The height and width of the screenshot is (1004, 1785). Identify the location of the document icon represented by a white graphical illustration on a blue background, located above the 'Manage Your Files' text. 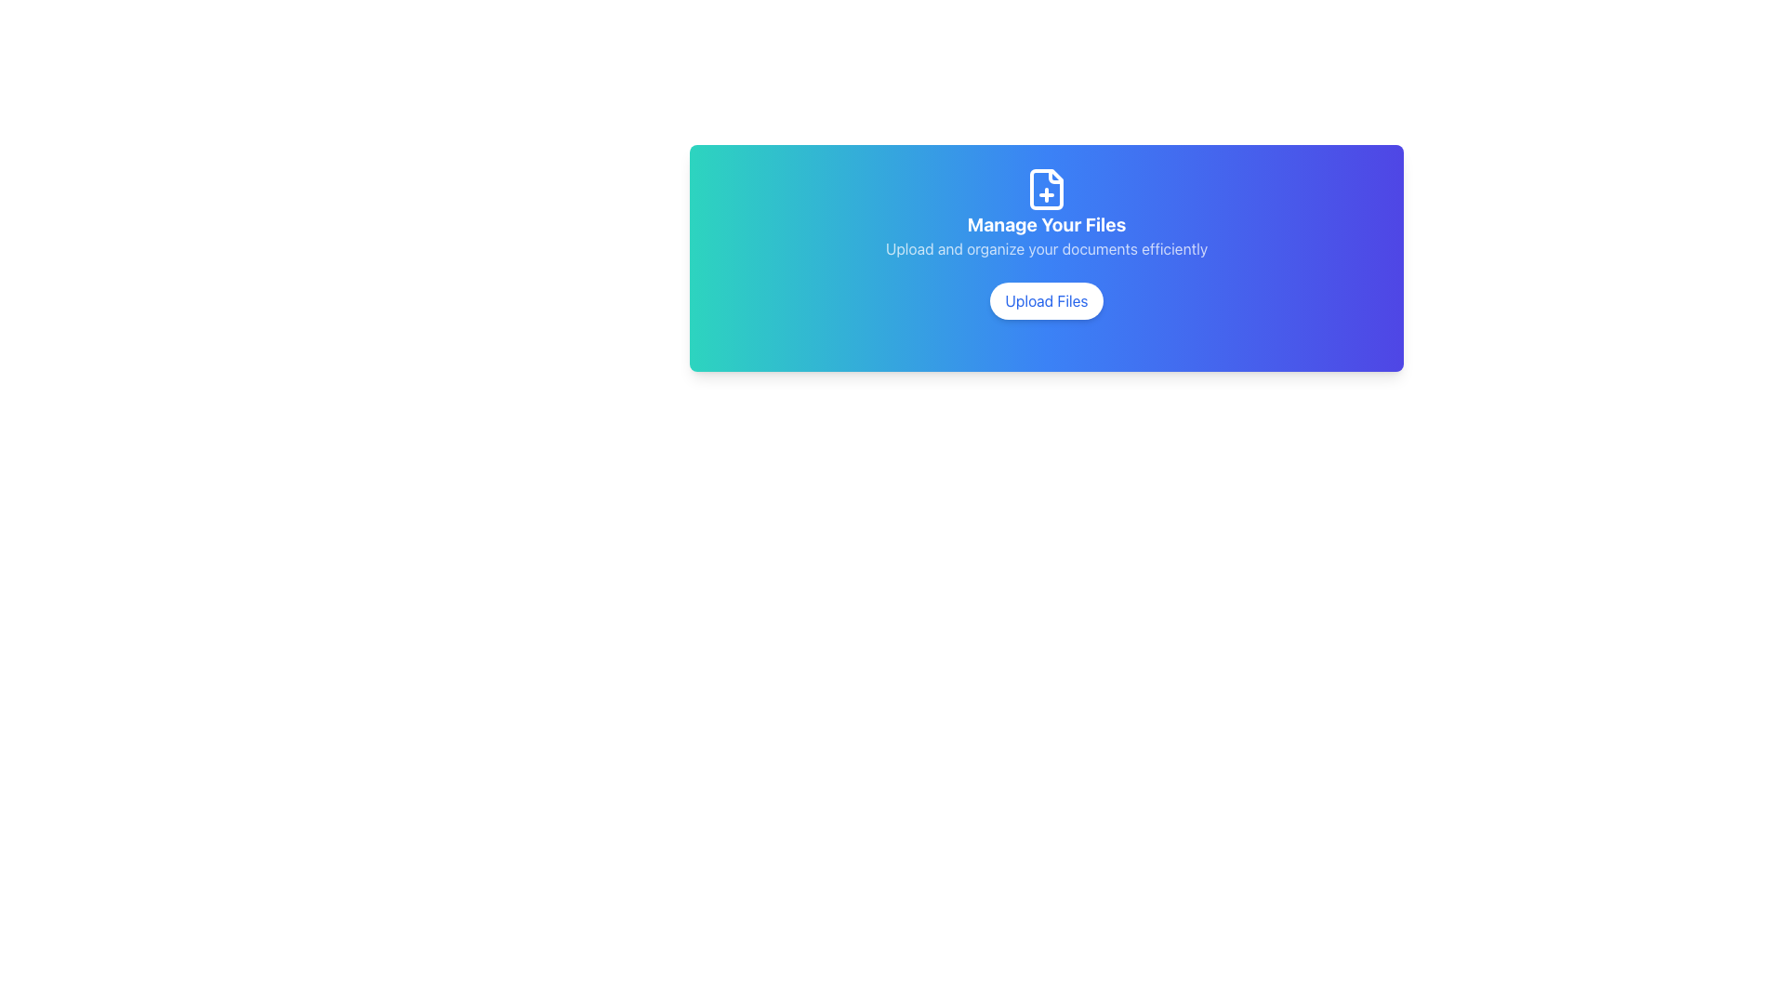
(1047, 190).